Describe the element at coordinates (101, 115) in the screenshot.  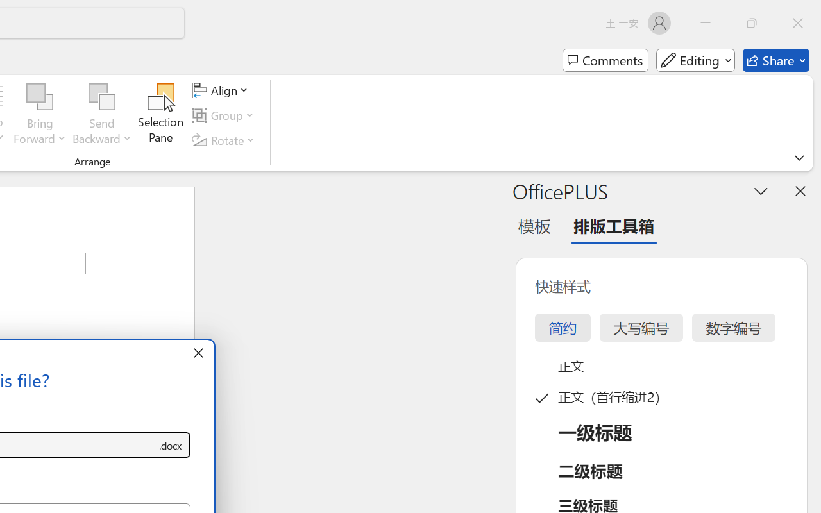
I see `'Send Backward'` at that location.